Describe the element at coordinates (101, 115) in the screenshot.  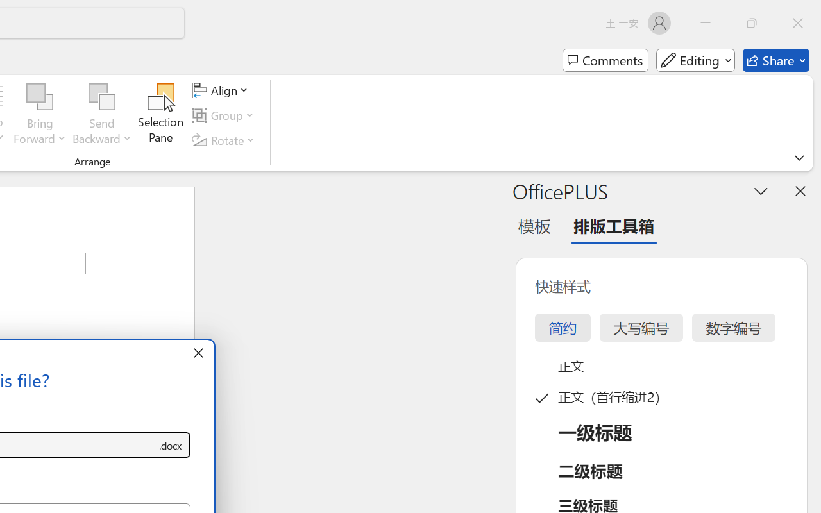
I see `'Send Backward'` at that location.